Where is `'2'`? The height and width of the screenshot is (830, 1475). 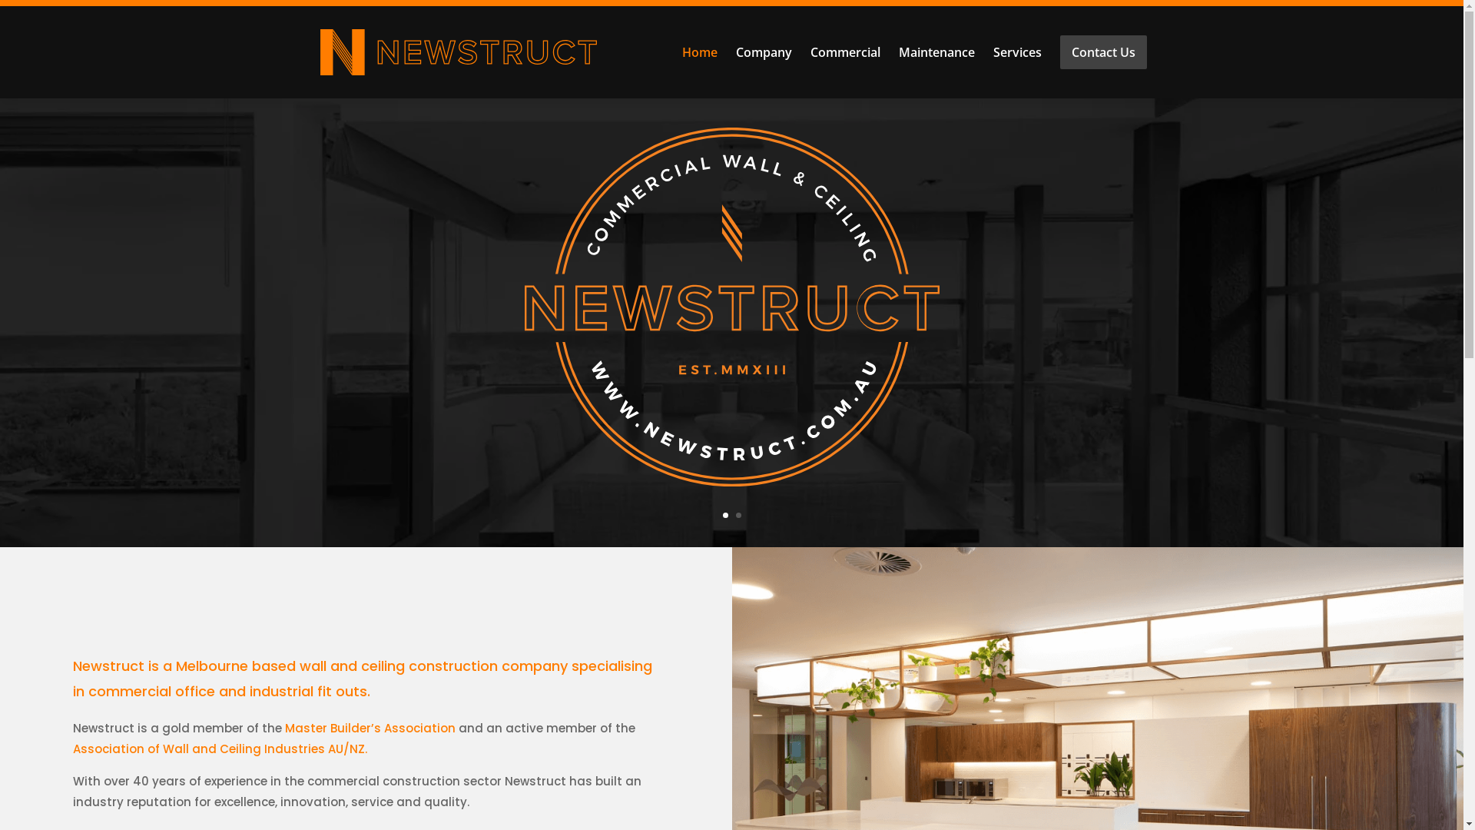 '2' is located at coordinates (735, 514).